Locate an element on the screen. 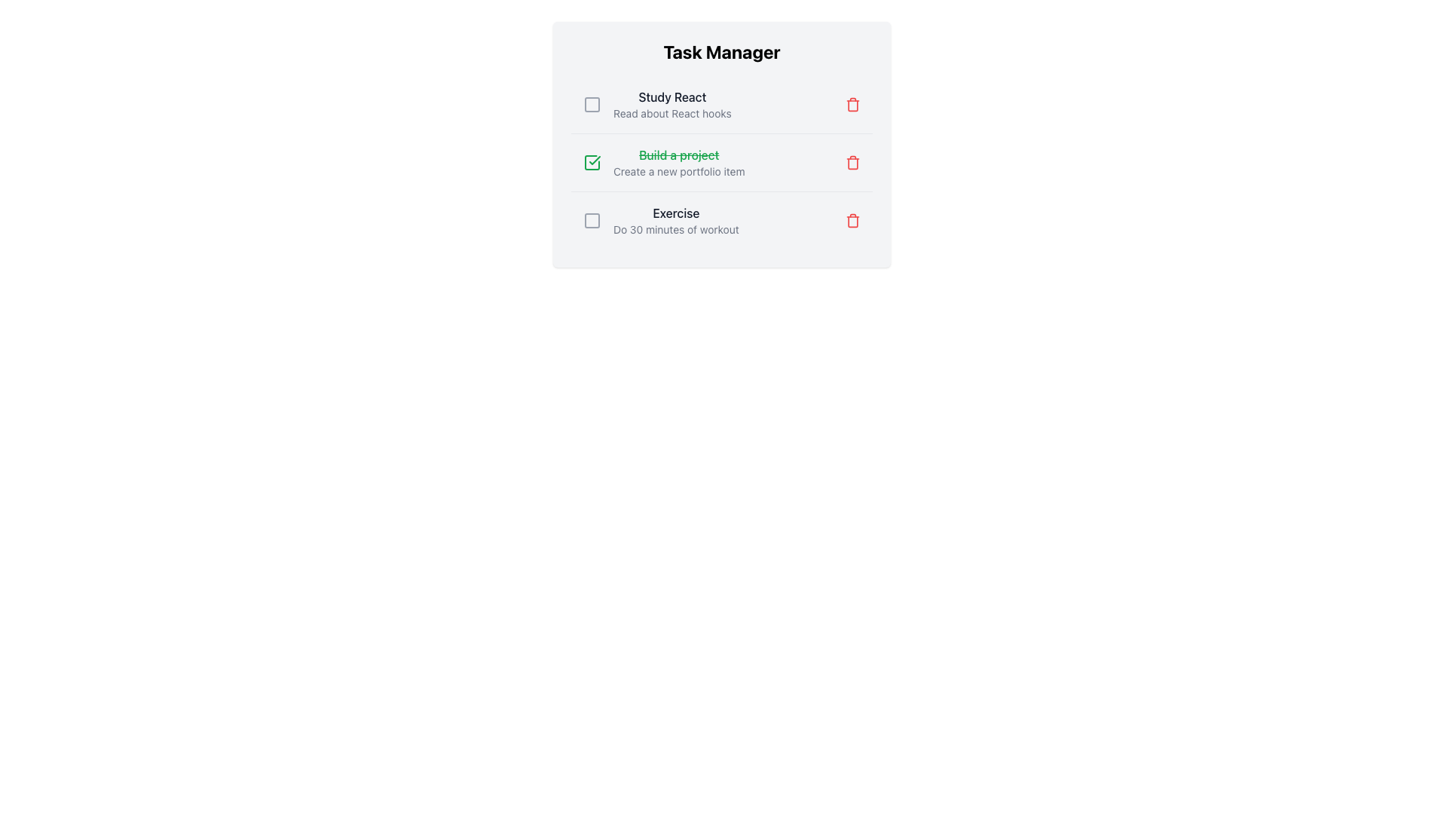 This screenshot has height=814, width=1447. the task item in the first row of the task manager is located at coordinates (657, 103).